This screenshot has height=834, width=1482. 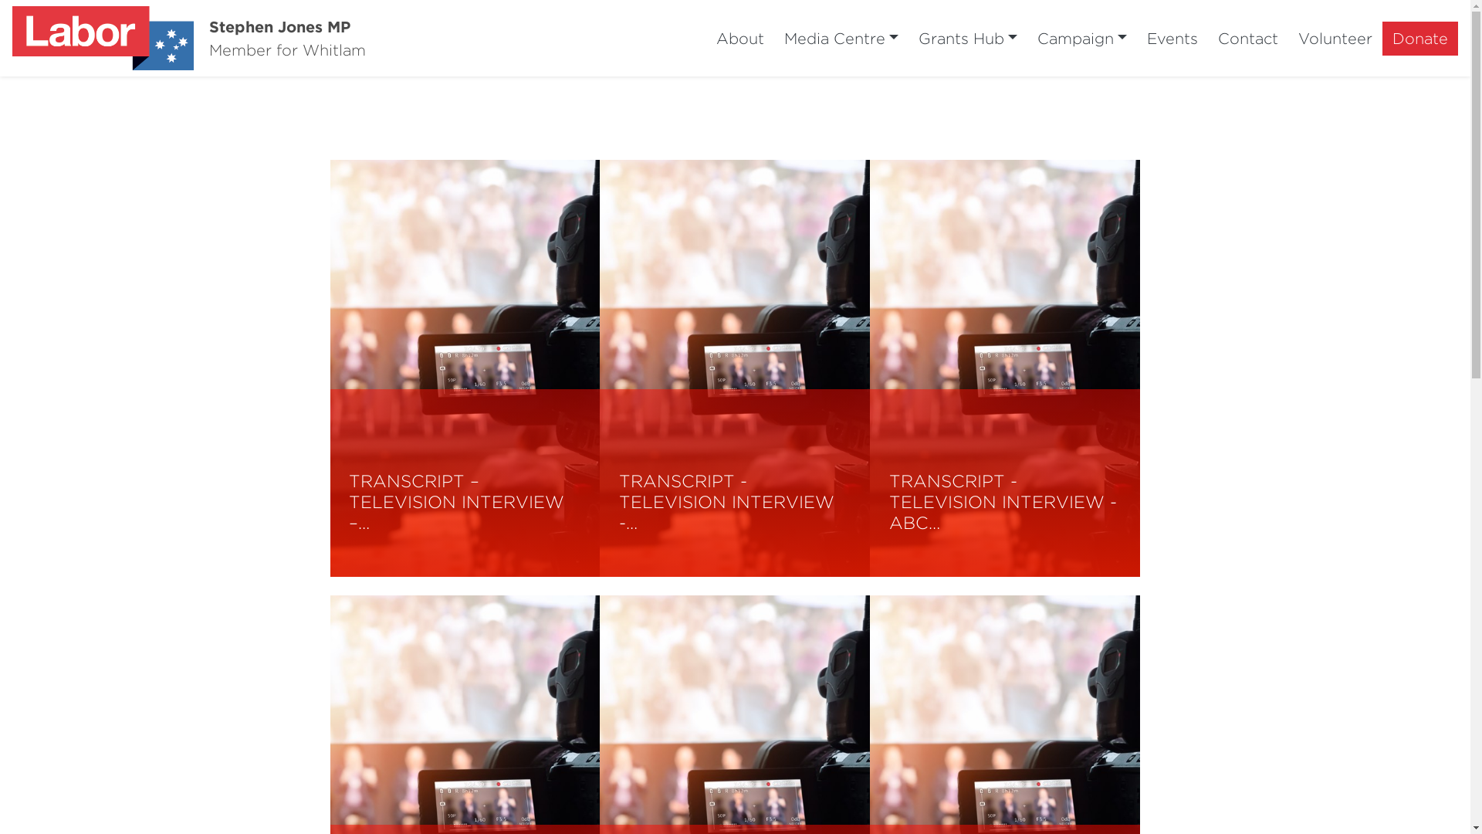 What do you see at coordinates (1419, 38) in the screenshot?
I see `'Donate'` at bounding box center [1419, 38].